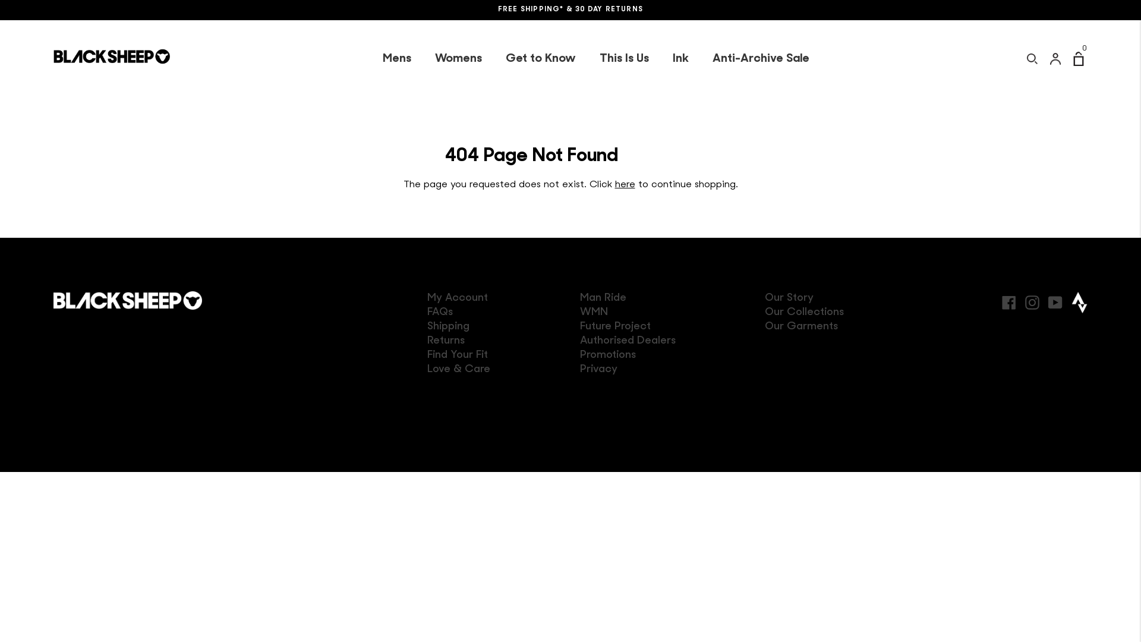 This screenshot has height=642, width=1141. Describe the element at coordinates (1080, 59) in the screenshot. I see `'0'` at that location.